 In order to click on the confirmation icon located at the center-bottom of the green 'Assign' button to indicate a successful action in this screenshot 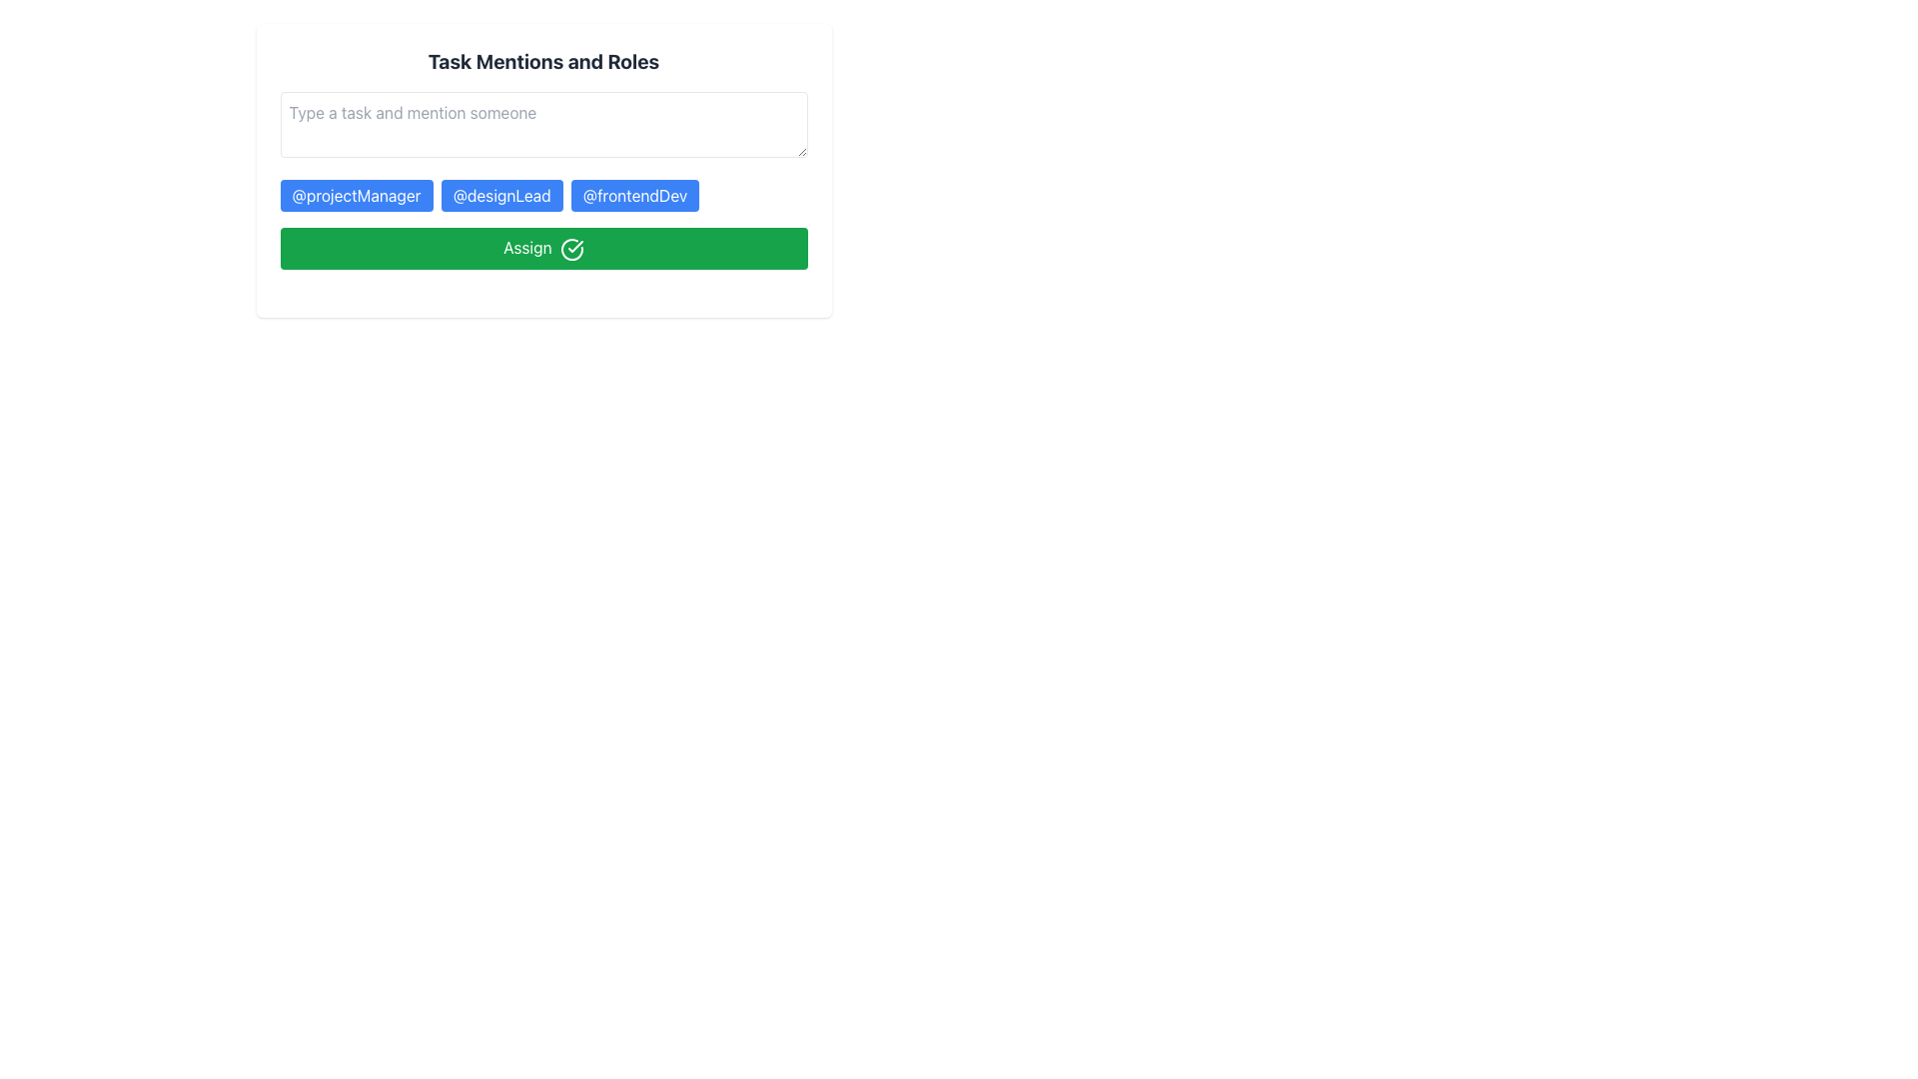, I will do `click(570, 248)`.